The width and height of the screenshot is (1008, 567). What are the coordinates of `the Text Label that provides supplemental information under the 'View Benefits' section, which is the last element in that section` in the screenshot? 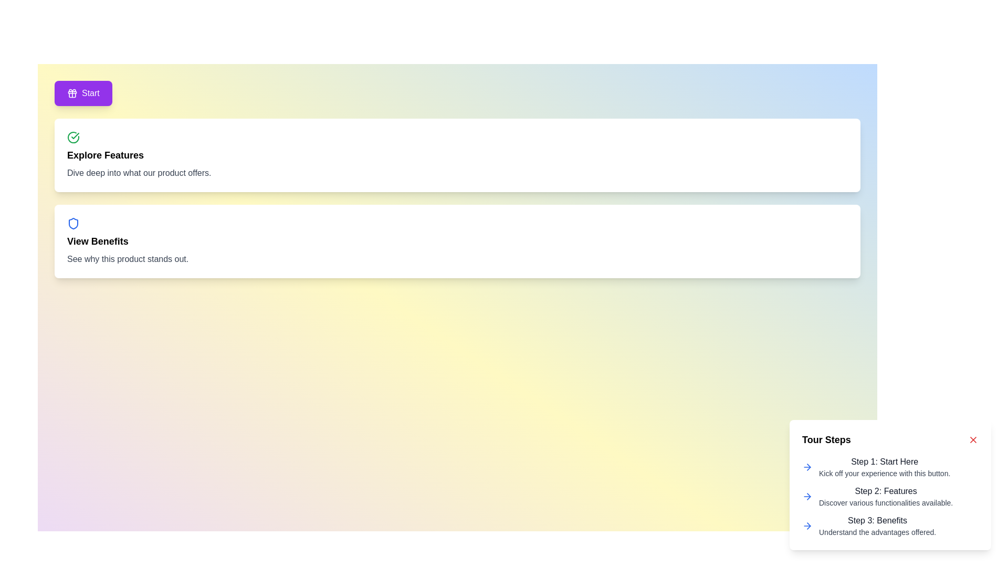 It's located at (127, 259).